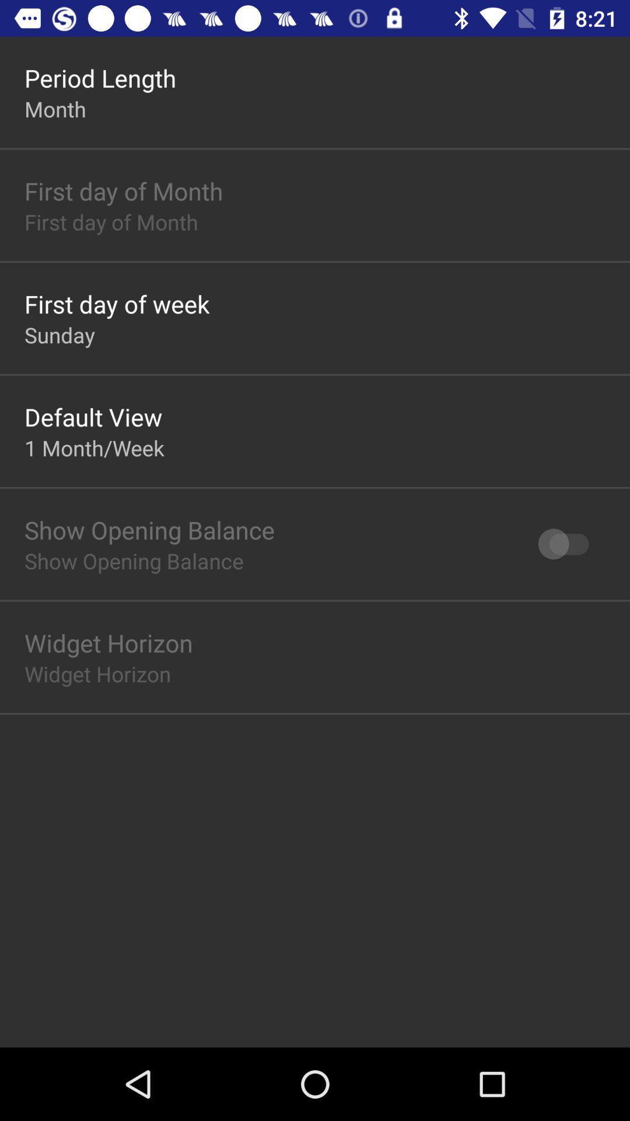  What do you see at coordinates (60, 334) in the screenshot?
I see `item above default view app` at bounding box center [60, 334].